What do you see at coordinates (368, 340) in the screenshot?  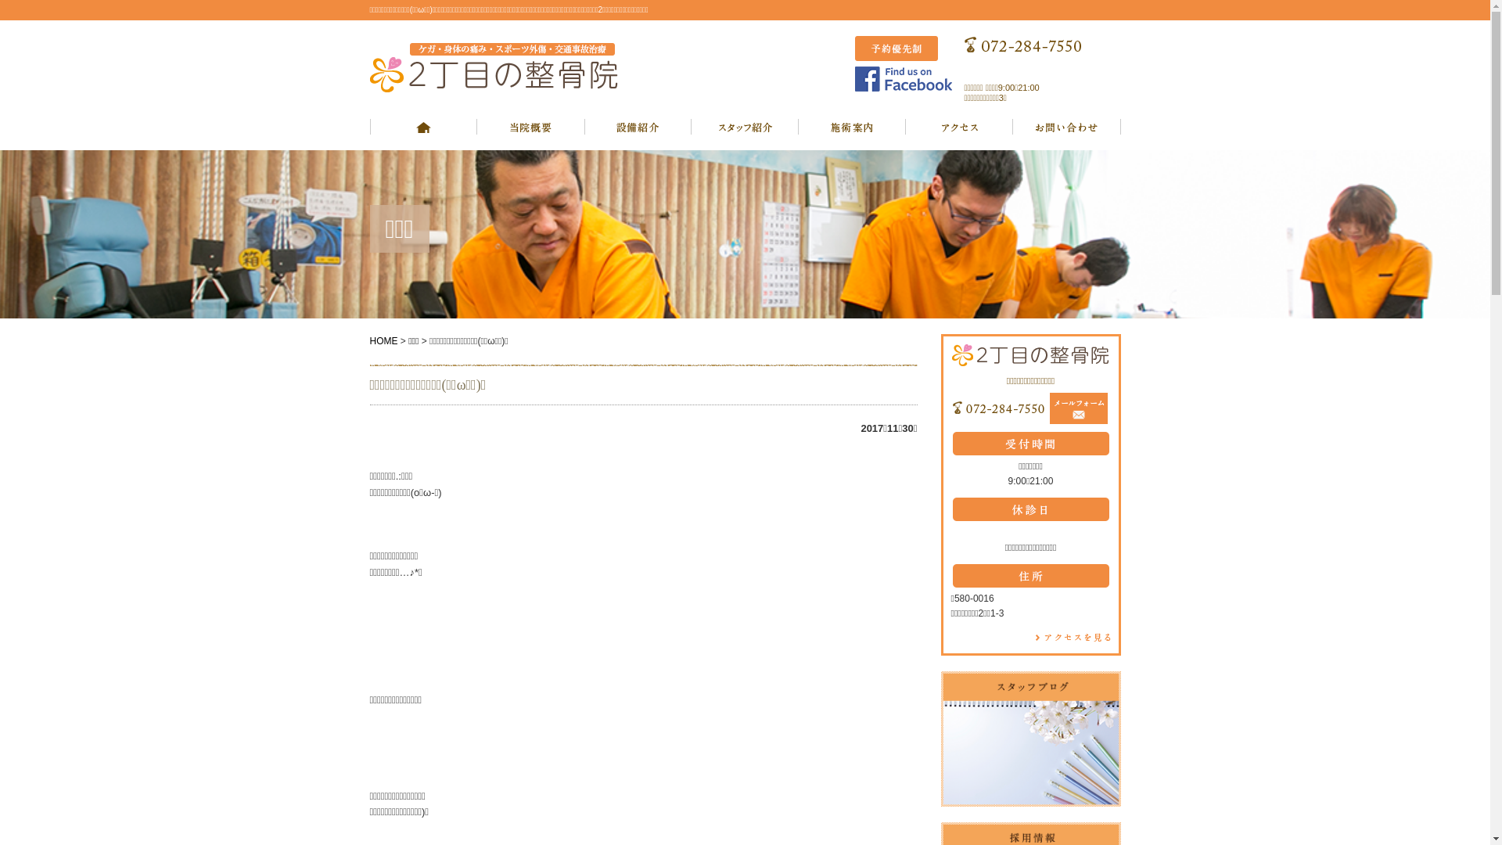 I see `'HOME'` at bounding box center [368, 340].